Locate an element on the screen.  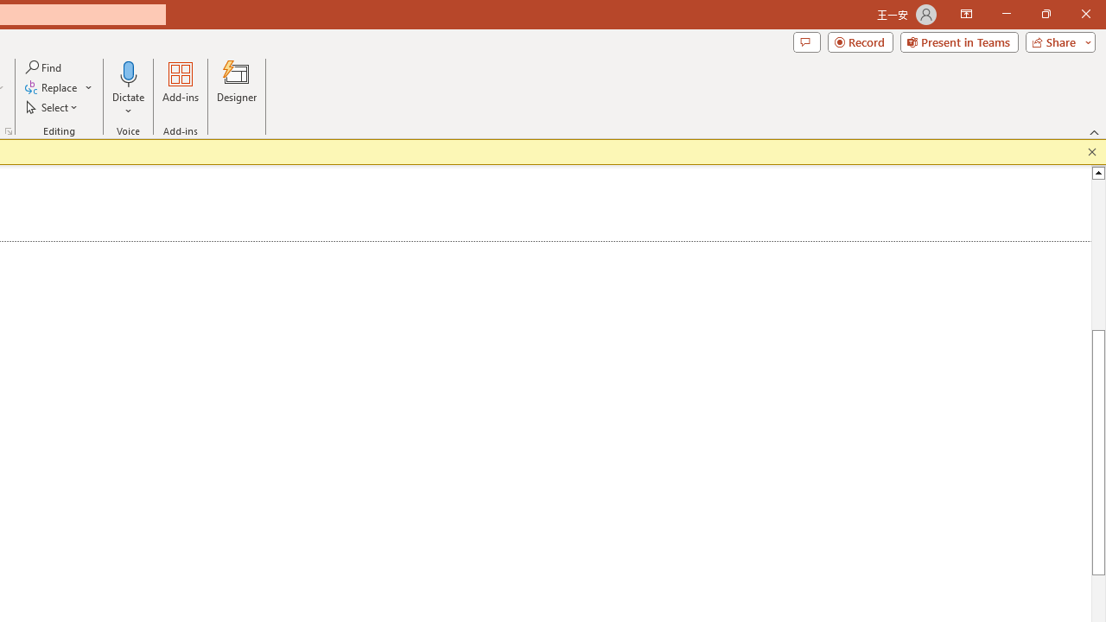
'Select' is located at coordinates (53, 107).